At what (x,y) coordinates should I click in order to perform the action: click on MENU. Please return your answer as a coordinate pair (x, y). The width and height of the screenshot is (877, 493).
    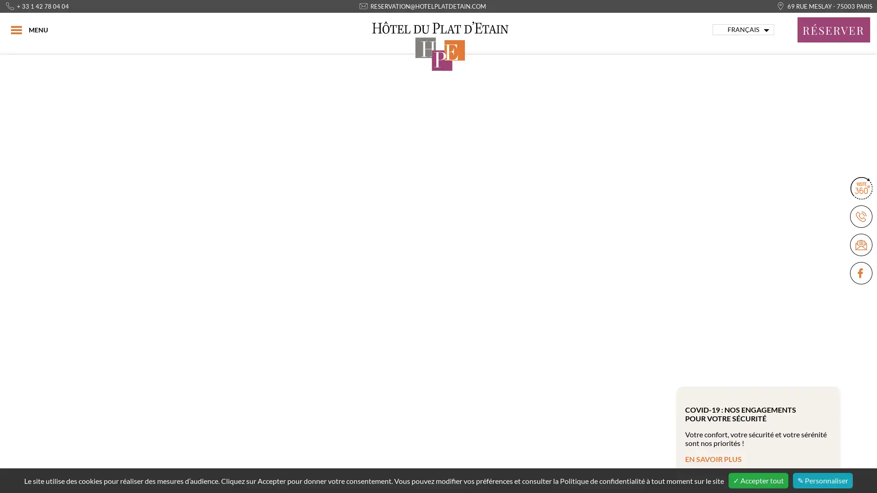
    Looking at the image, I should click on (29, 29).